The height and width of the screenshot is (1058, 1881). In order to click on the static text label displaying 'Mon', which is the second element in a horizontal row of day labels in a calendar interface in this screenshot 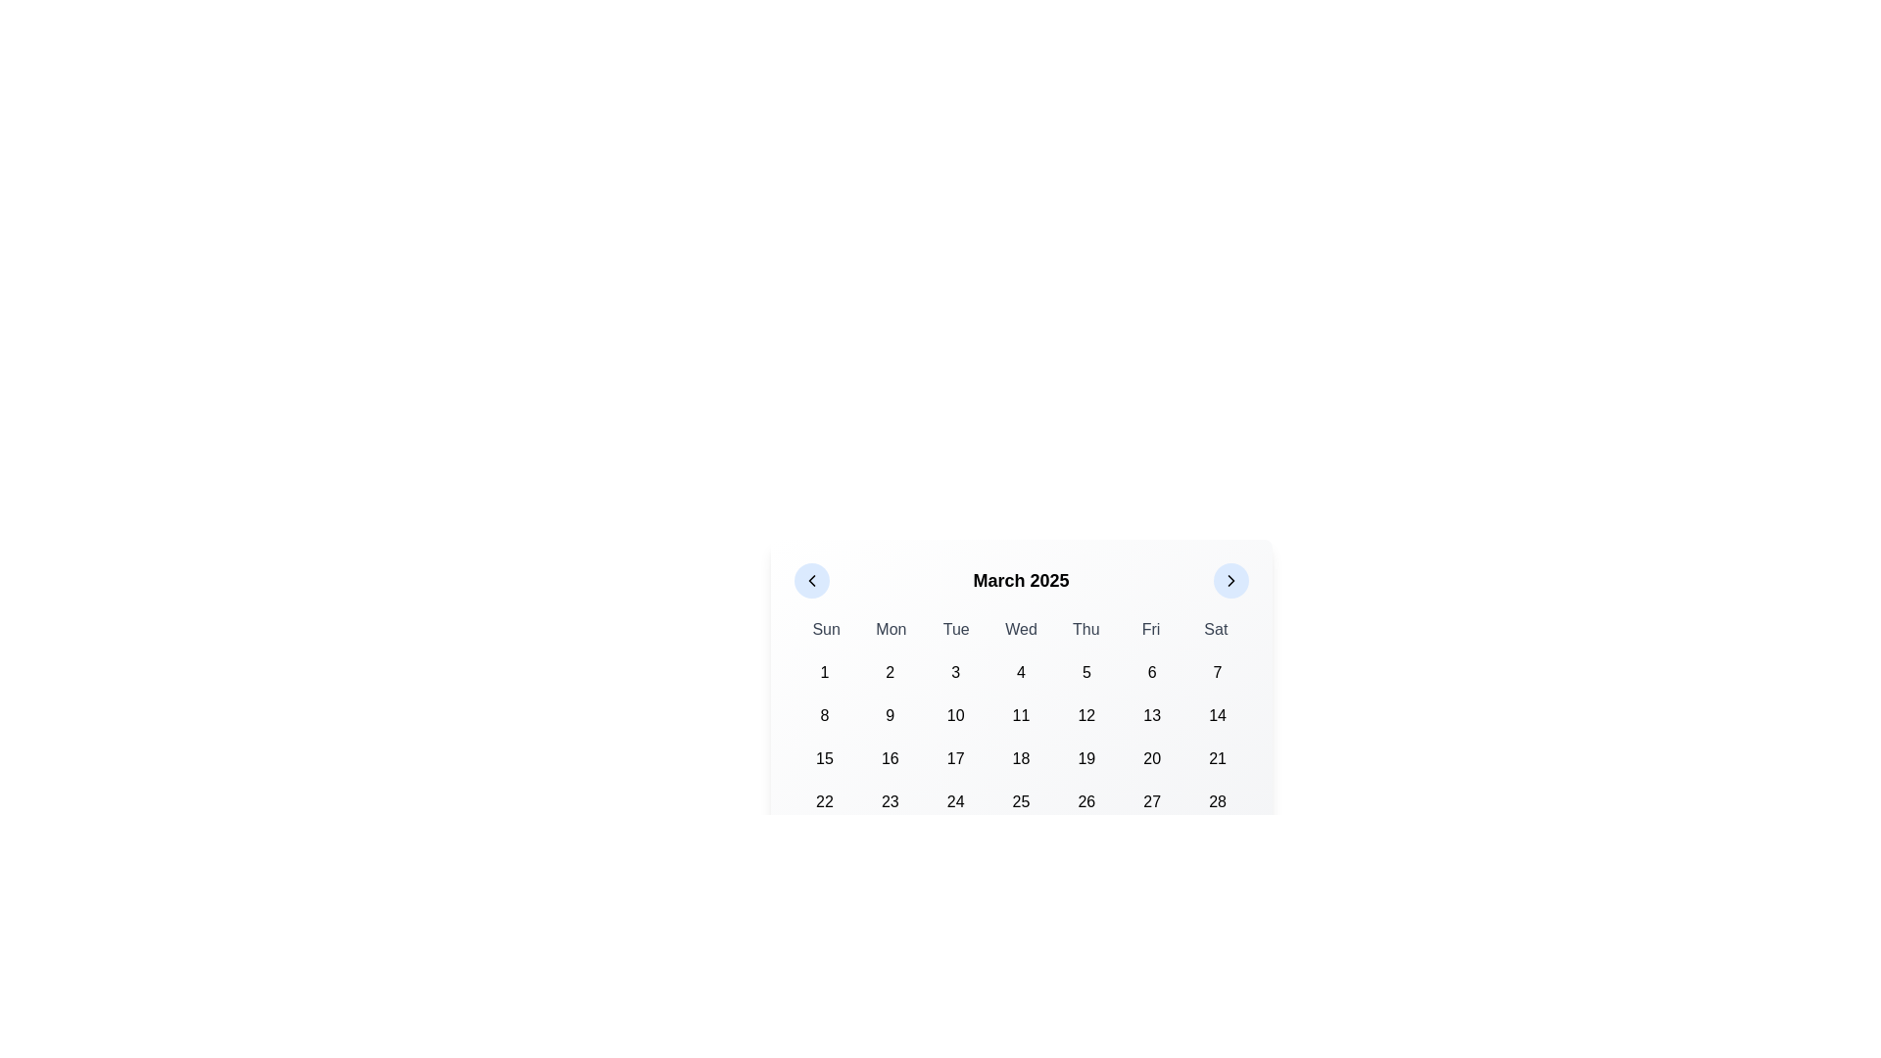, I will do `click(890, 630)`.